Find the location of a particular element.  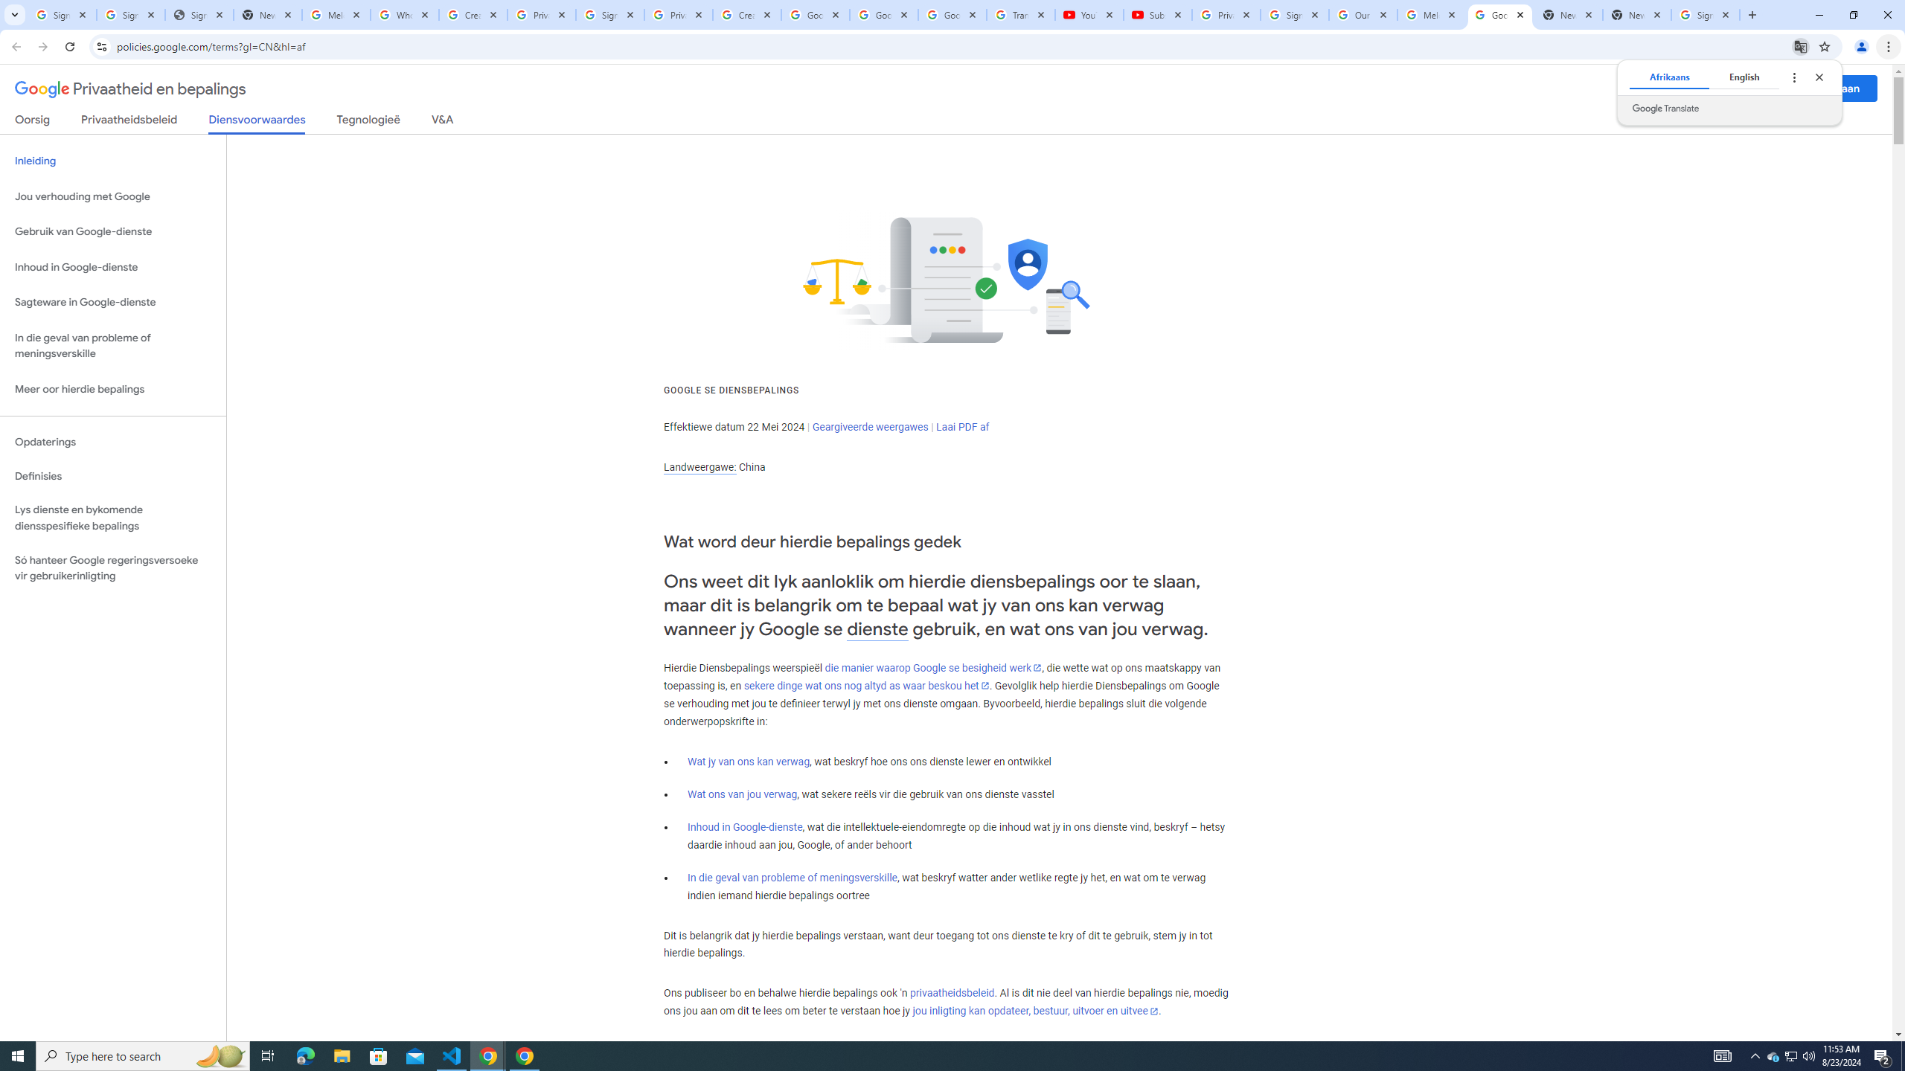

'Opdaterings' is located at coordinates (112, 441).